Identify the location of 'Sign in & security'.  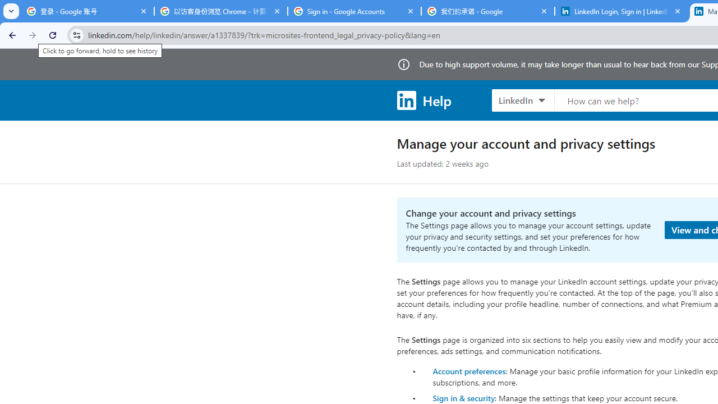
(463, 397).